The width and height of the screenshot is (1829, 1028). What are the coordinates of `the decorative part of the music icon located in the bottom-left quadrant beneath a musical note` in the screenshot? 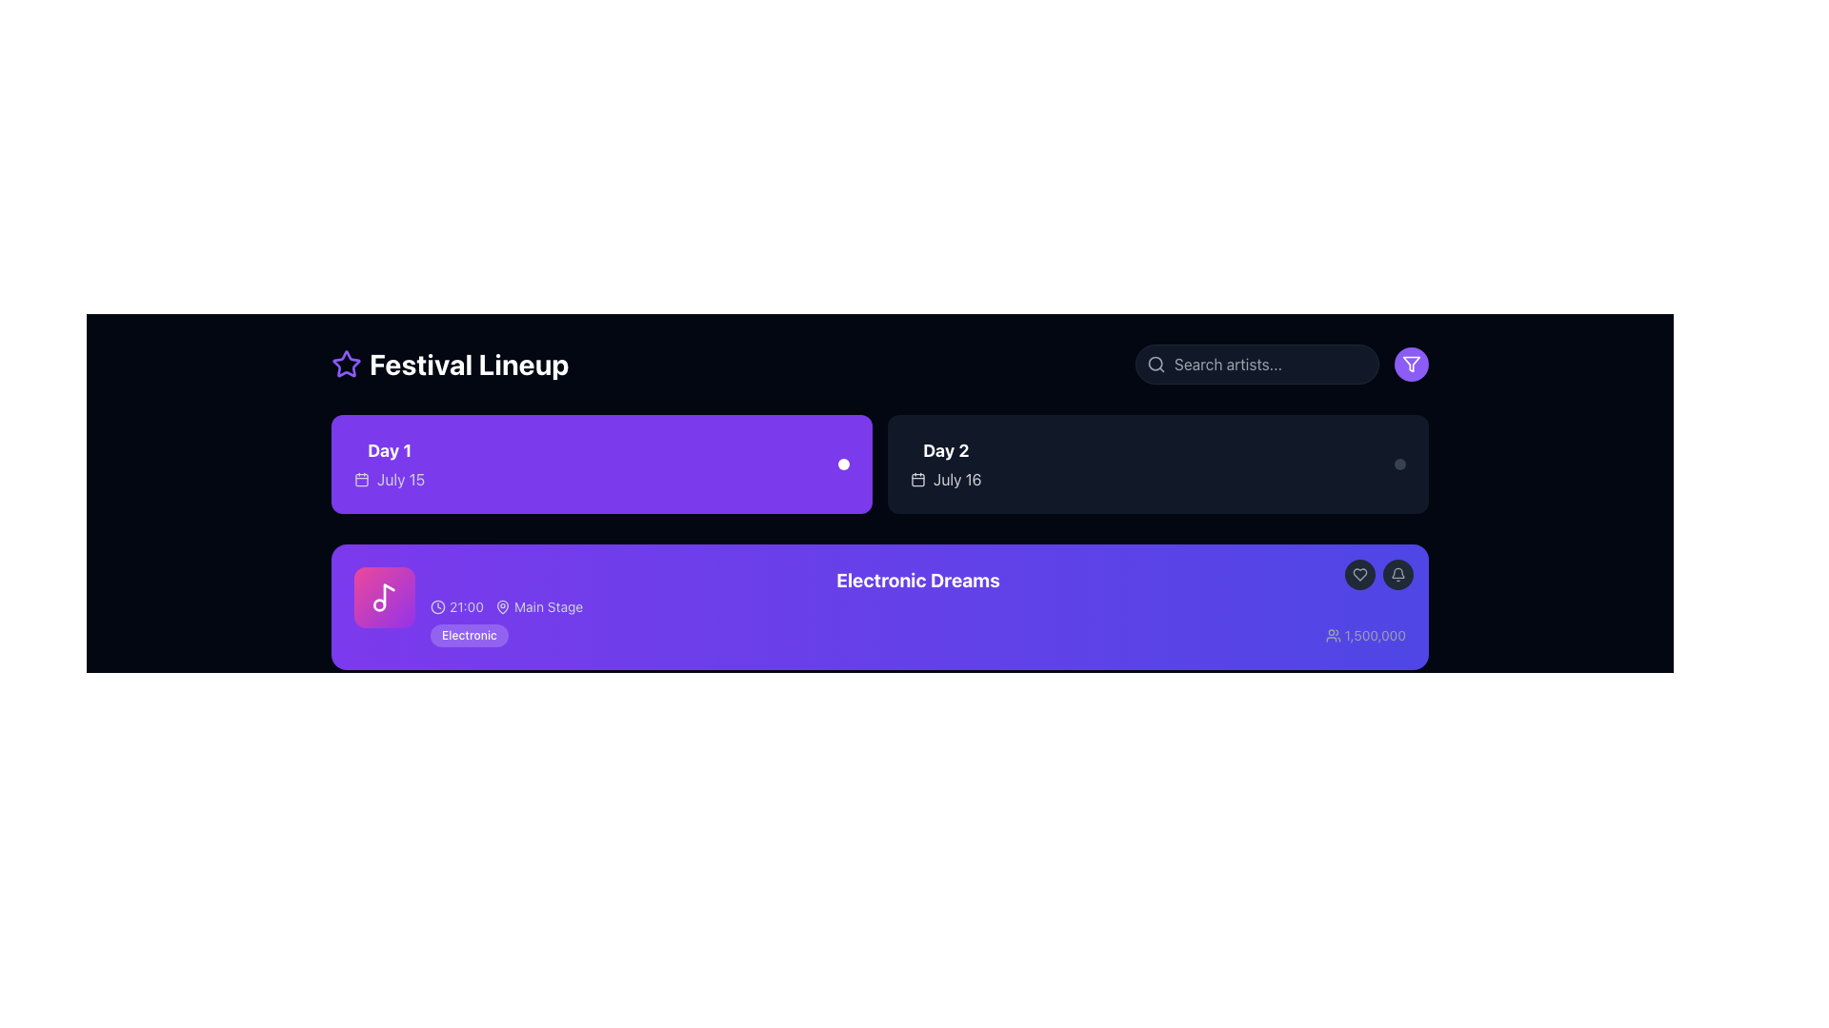 It's located at (379, 605).